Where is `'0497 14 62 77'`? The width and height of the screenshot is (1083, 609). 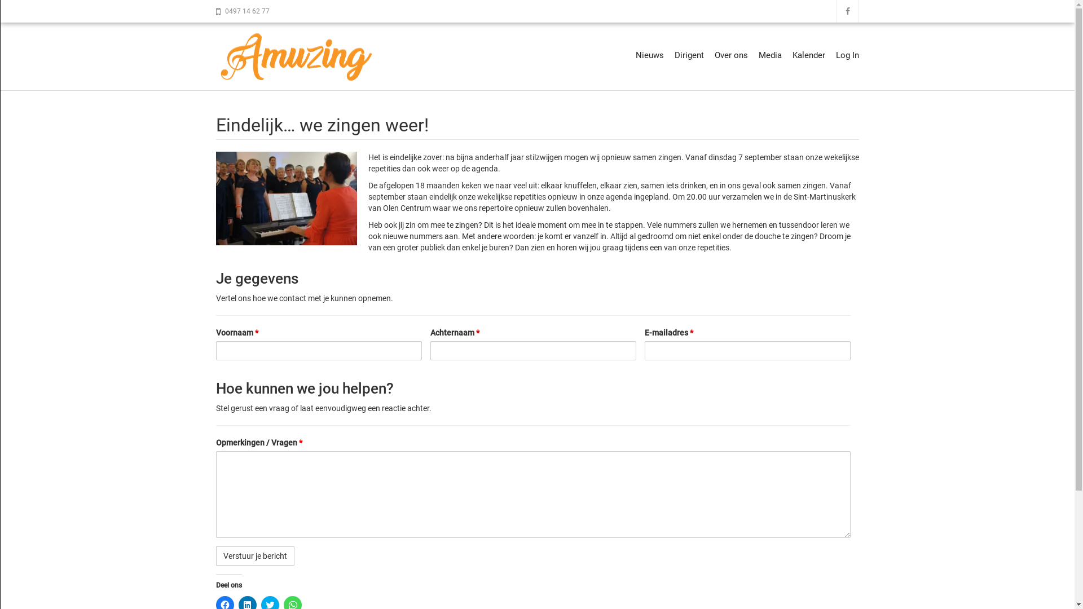 '0497 14 62 77' is located at coordinates (244, 11).